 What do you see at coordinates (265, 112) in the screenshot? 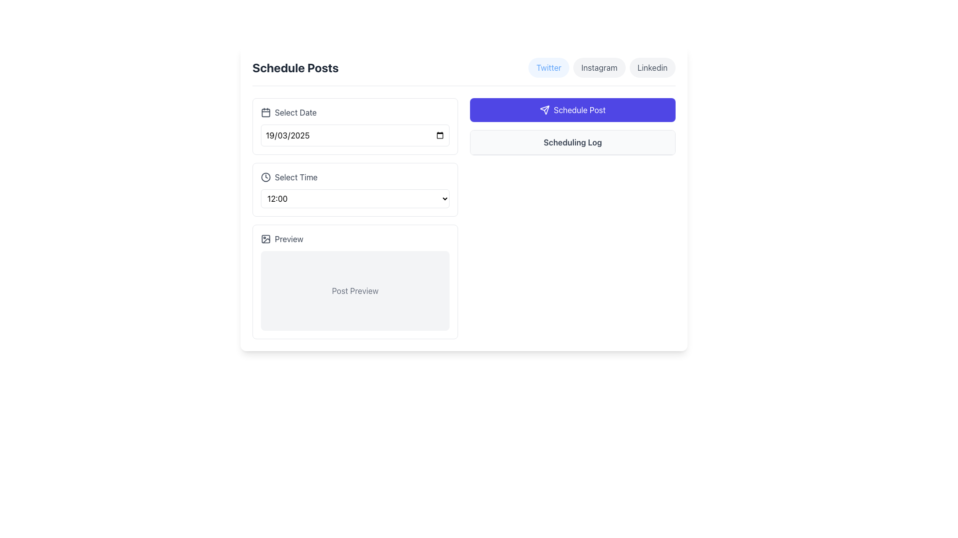
I see `the SVG icon located to the left of the 'Select Date' text label, which indicates the functionality for selecting or interacting with a date` at bounding box center [265, 112].